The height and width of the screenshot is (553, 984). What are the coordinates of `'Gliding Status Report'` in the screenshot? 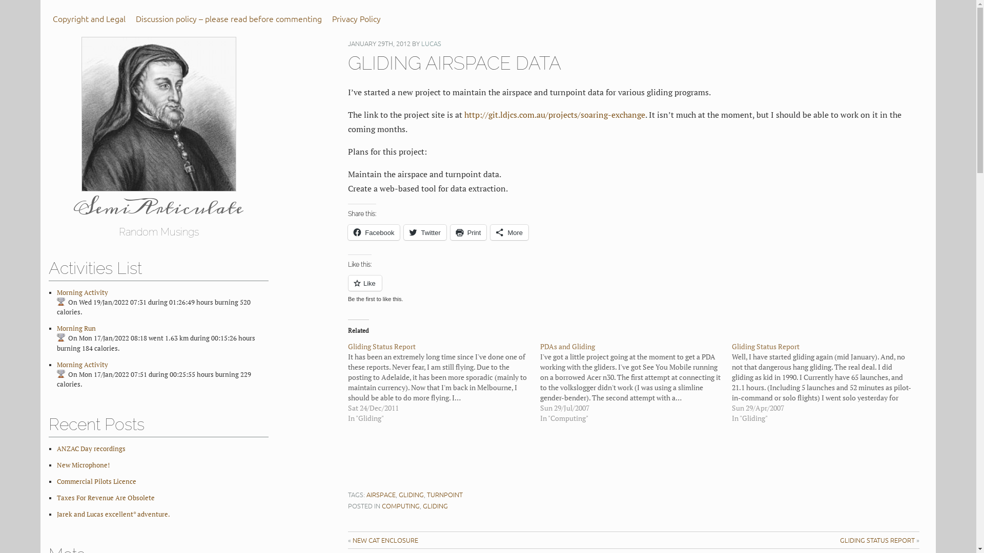 It's located at (827, 382).